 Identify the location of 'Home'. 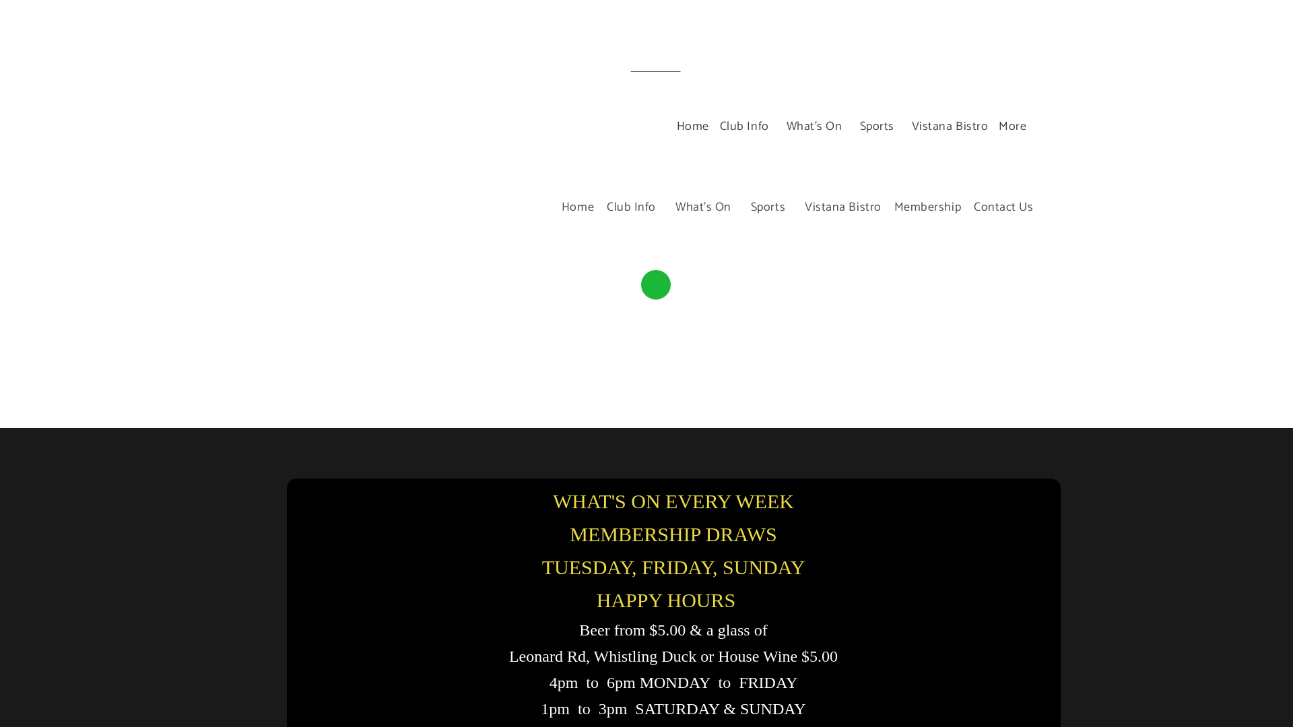
(571, 207).